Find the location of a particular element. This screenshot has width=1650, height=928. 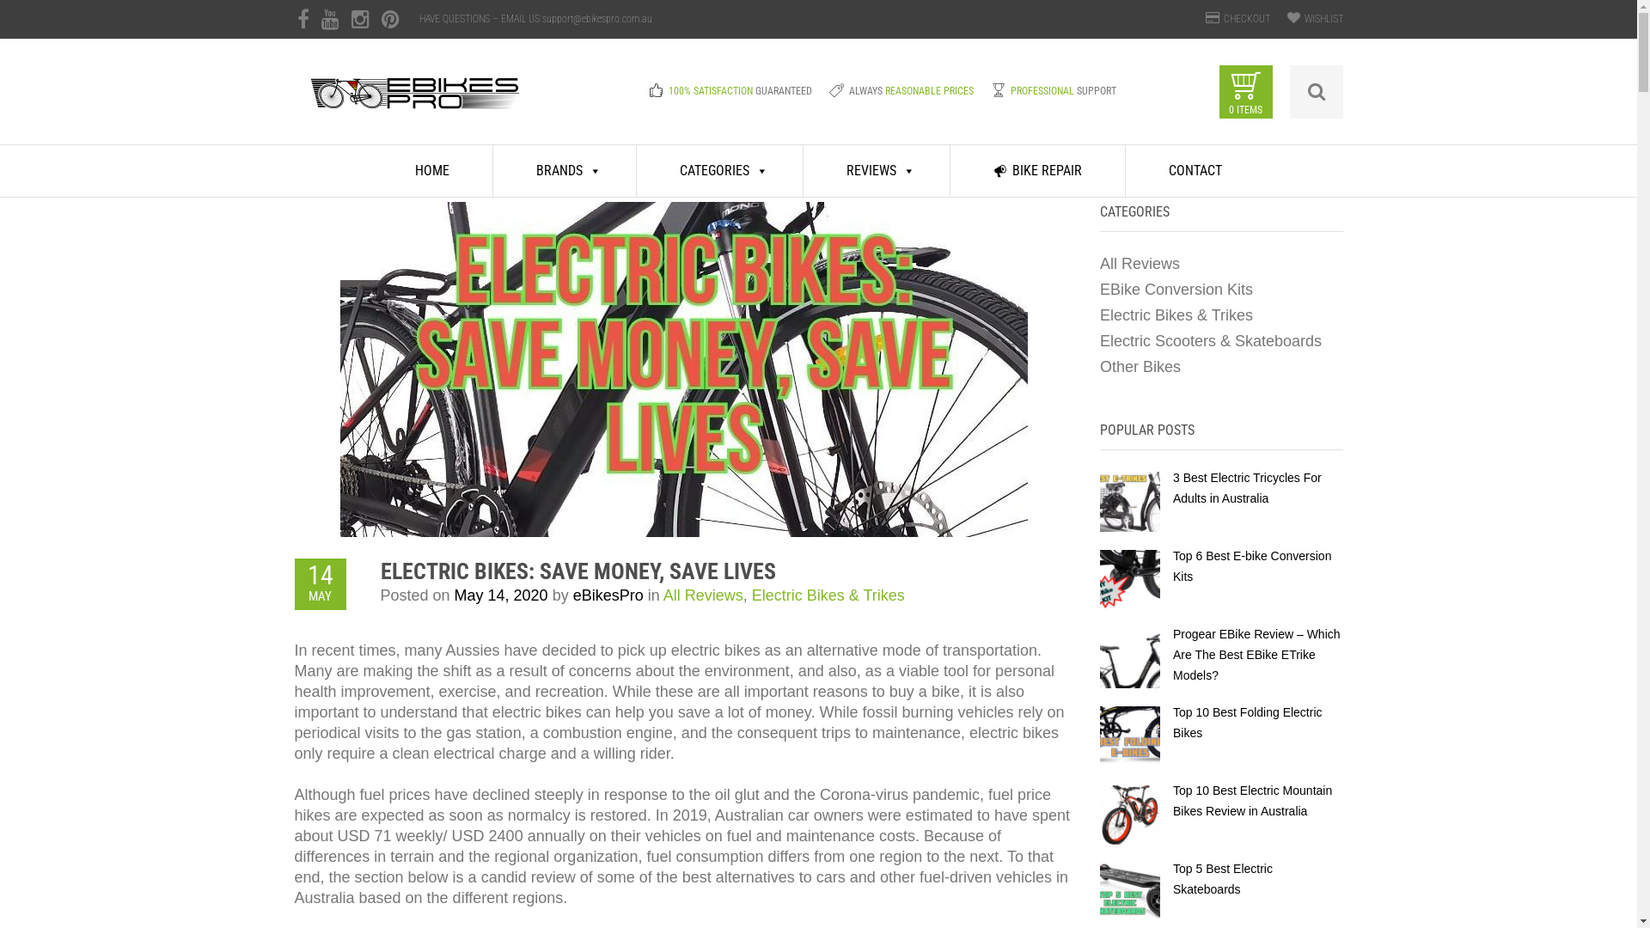

'Top 5 Best Electric Skateboards' is located at coordinates (1221, 878).